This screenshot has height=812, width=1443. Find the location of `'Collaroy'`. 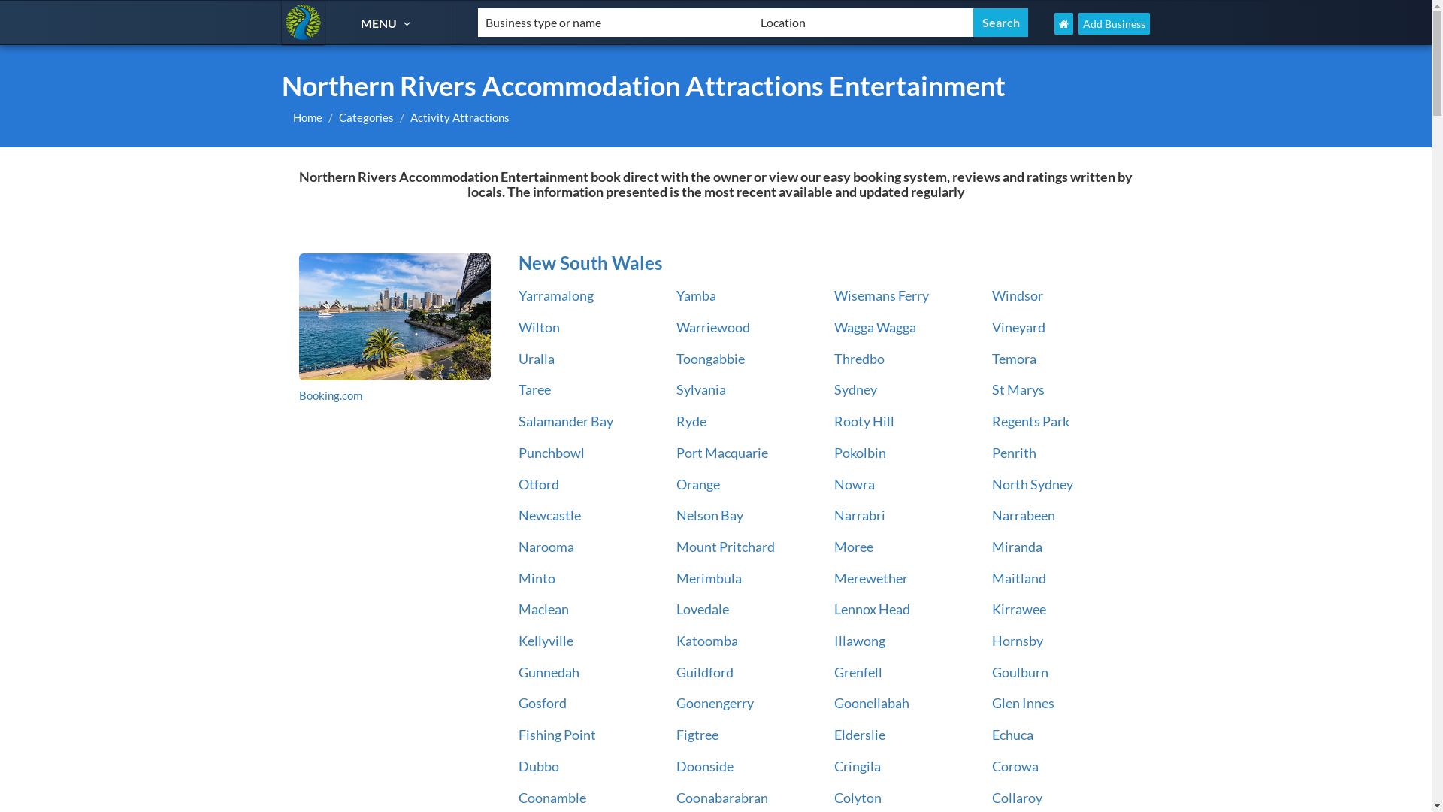

'Collaroy' is located at coordinates (1017, 796).